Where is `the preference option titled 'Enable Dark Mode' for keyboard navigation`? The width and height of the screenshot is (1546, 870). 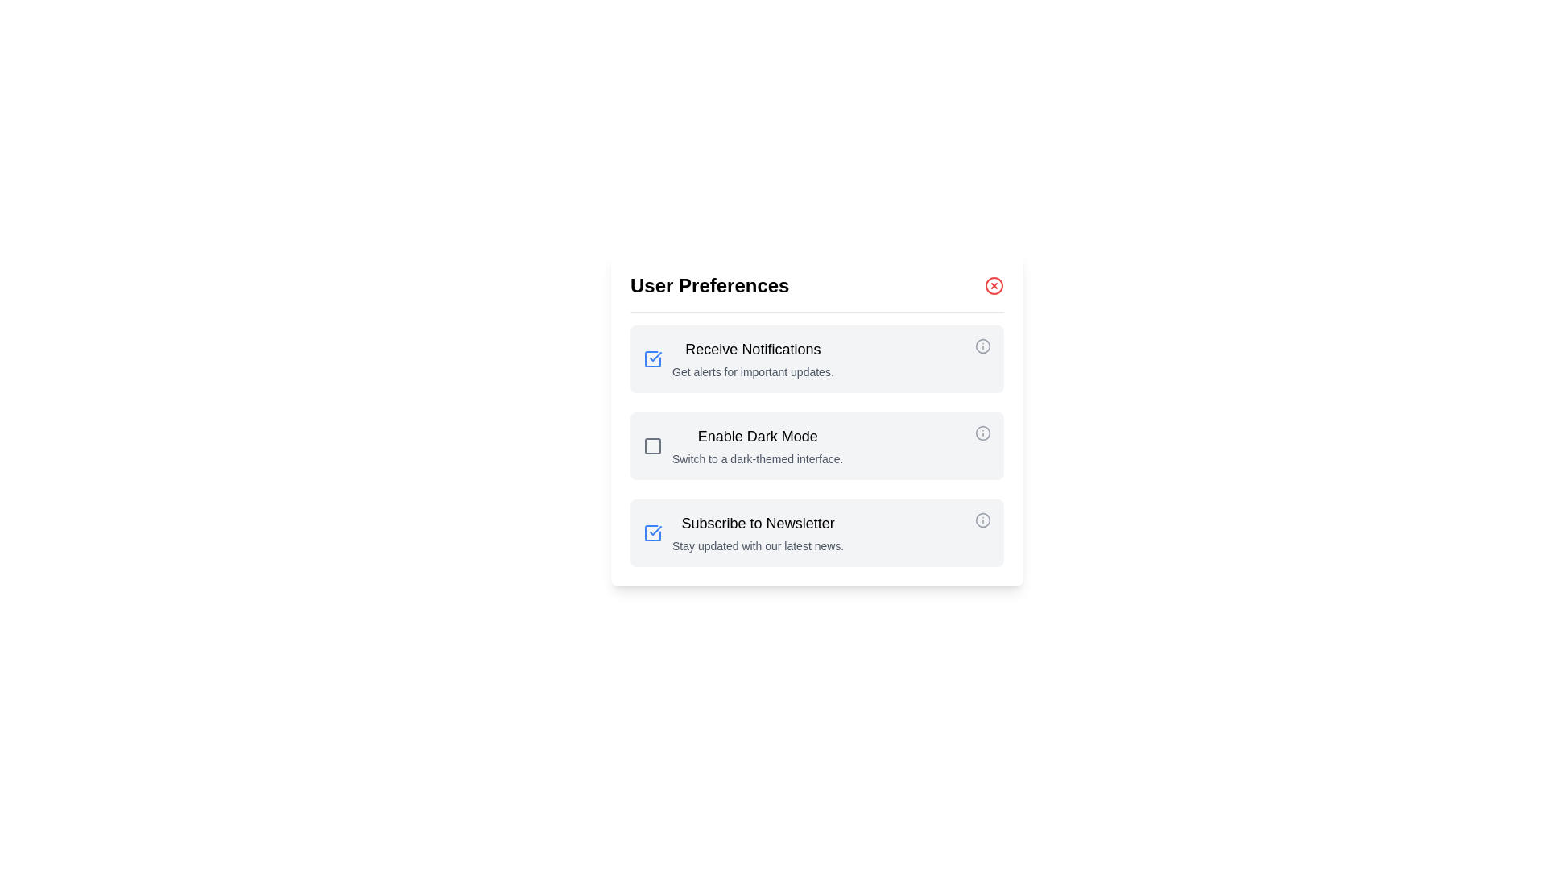
the preference option titled 'Enable Dark Mode' for keyboard navigation is located at coordinates (816, 419).